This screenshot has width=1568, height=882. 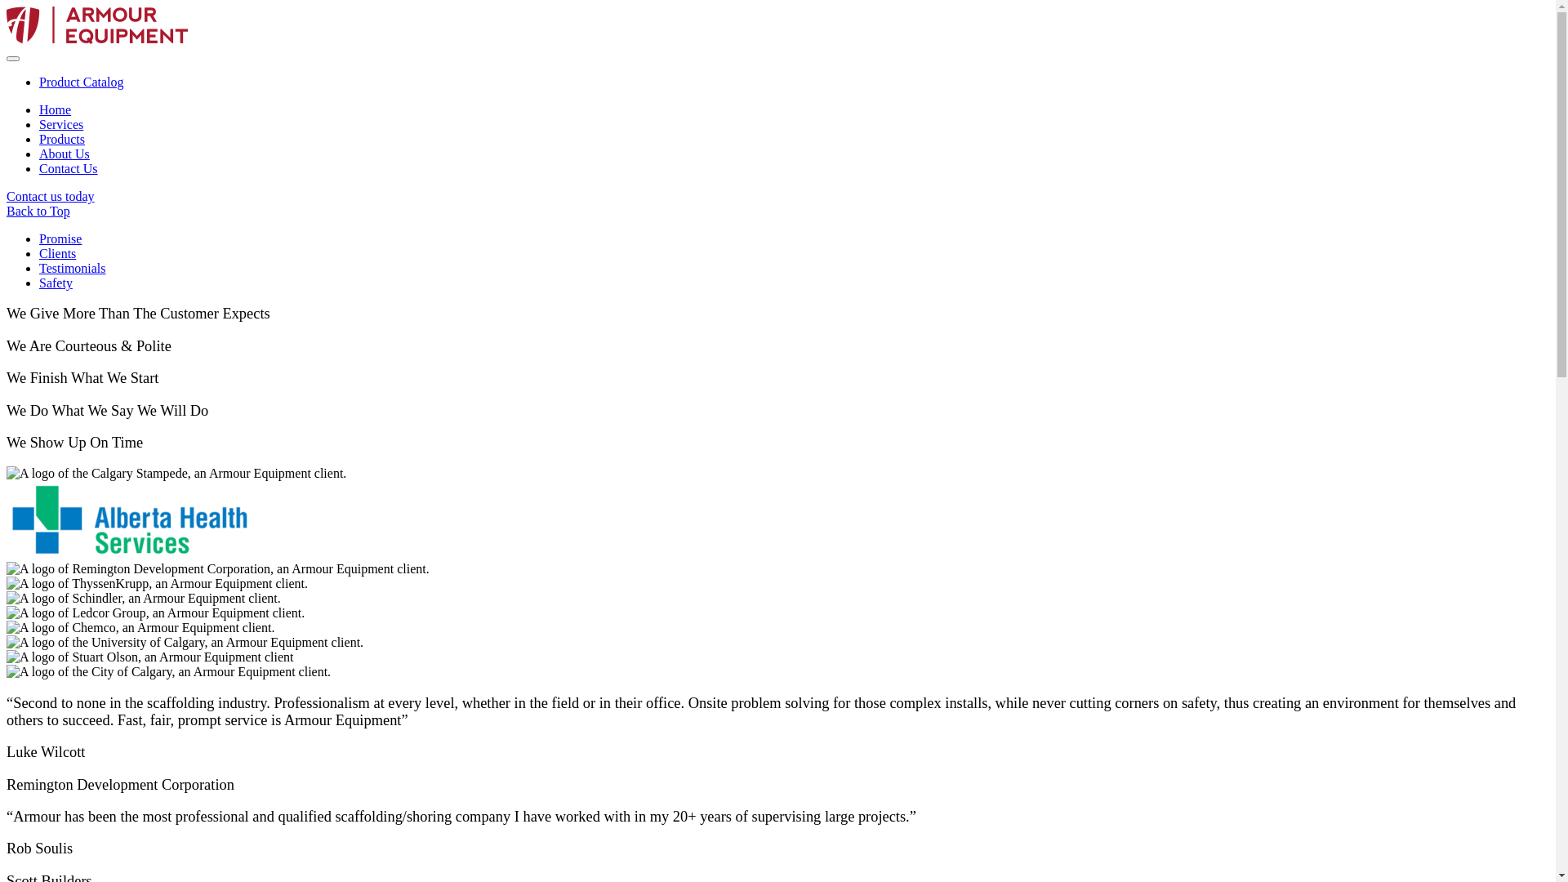 What do you see at coordinates (57, 253) in the screenshot?
I see `'Clients'` at bounding box center [57, 253].